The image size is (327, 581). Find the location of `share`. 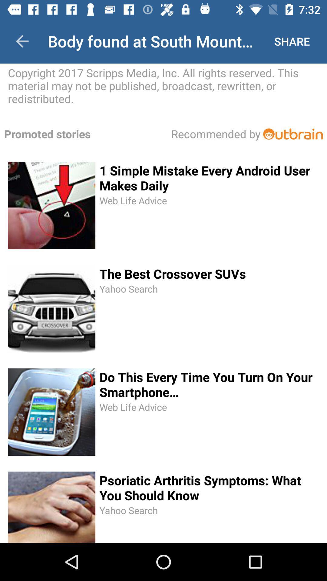

share is located at coordinates (292, 41).